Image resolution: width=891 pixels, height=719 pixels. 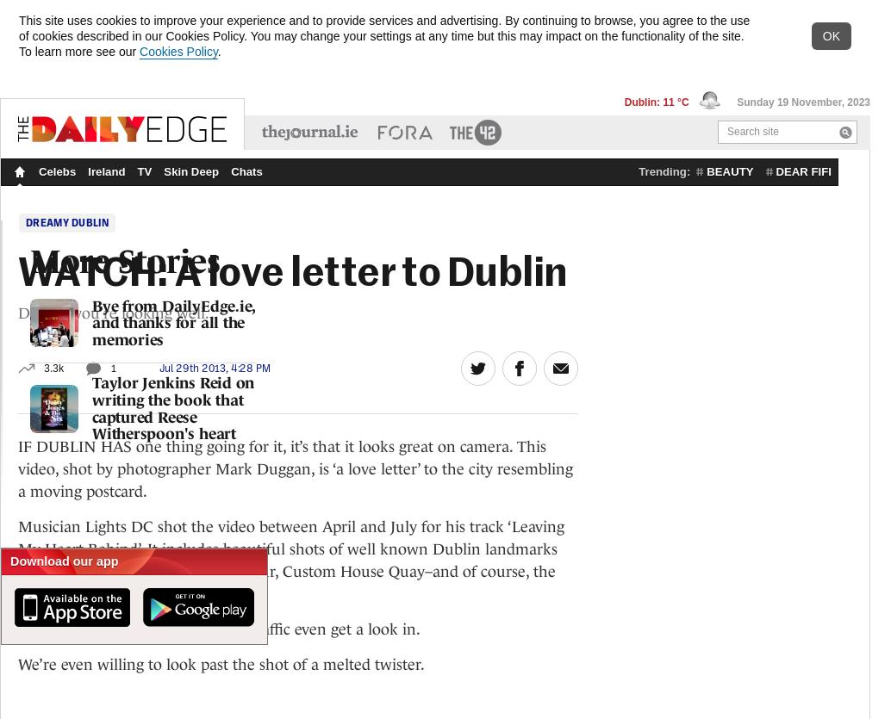 I want to click on 'Cookies Policy', so click(x=178, y=52).